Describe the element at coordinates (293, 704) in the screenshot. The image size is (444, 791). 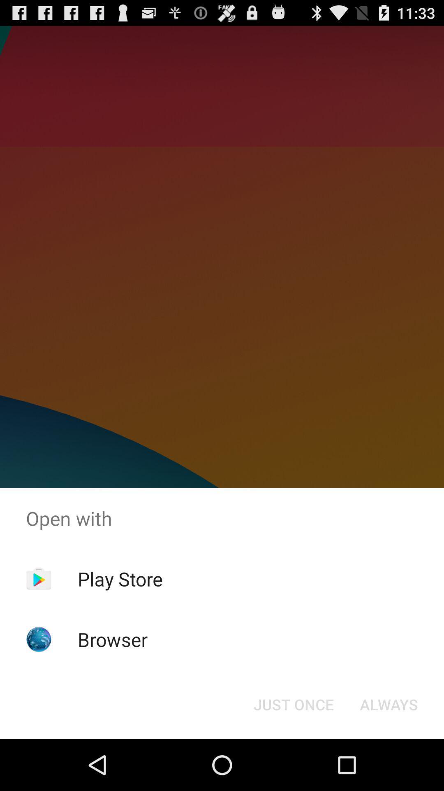
I see `the item below open with icon` at that location.